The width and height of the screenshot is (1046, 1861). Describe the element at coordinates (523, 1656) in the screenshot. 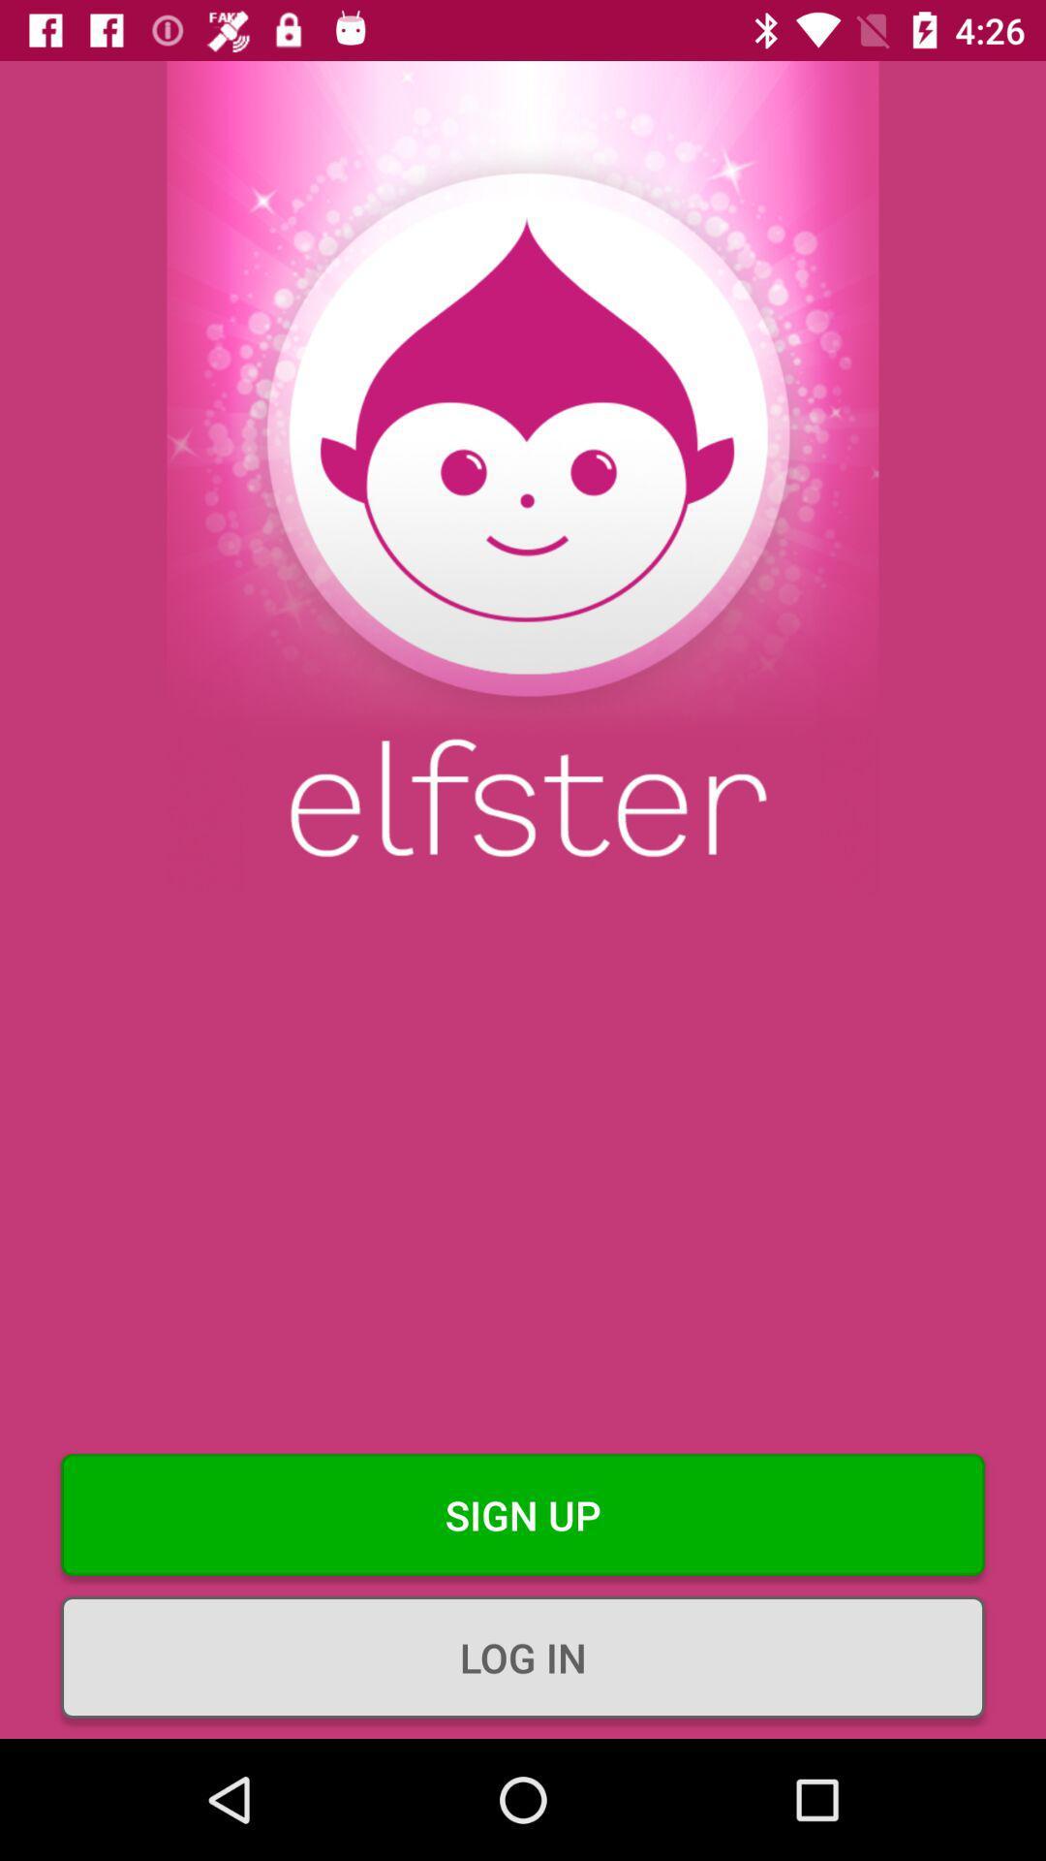

I see `the log in` at that location.